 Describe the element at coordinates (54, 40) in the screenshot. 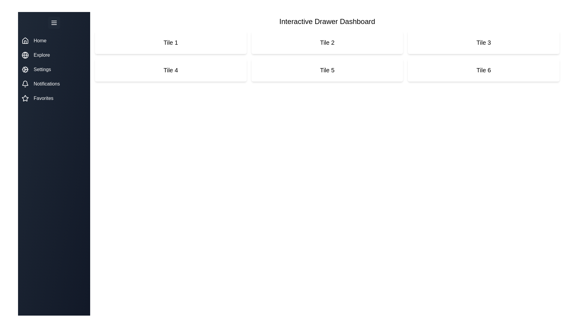

I see `the navigation item Home to see its hover effect` at that location.